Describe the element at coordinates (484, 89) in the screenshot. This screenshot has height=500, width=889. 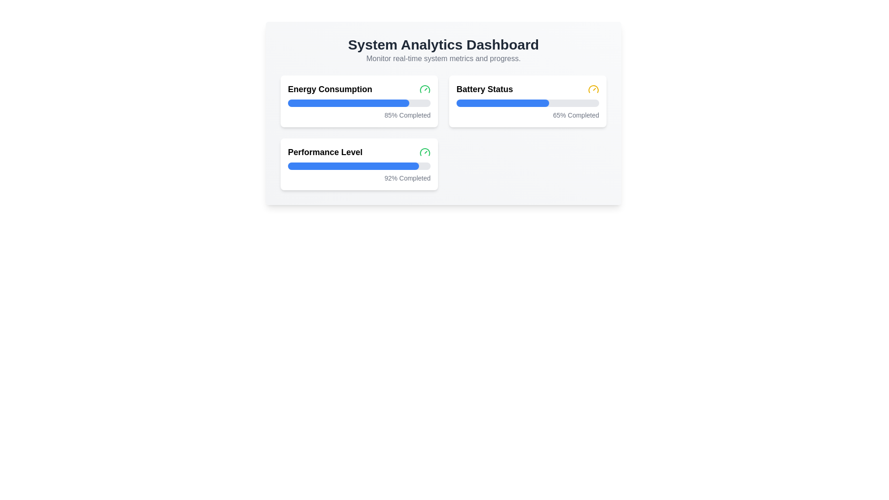
I see `'Battery Status' label, which is a black text displayed in bold, medium-large font, located in the top-right card of the dashboard's grid layout, slightly left of the card's center and above the progress bar` at that location.